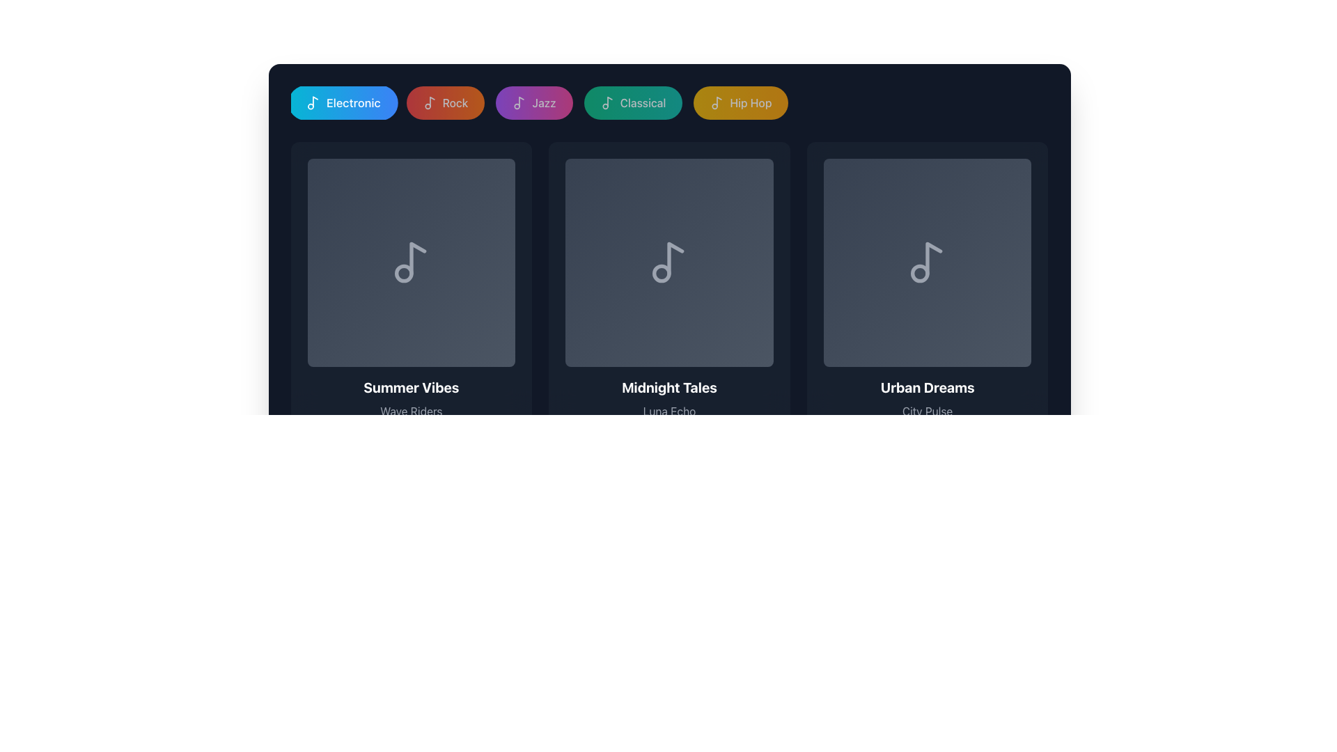 The height and width of the screenshot is (752, 1337). I want to click on the 'Jazz' category filter button to change its opacity, which is the third button in a horizontal list located between the 'Rock' and 'Classical' buttons, so click(533, 102).